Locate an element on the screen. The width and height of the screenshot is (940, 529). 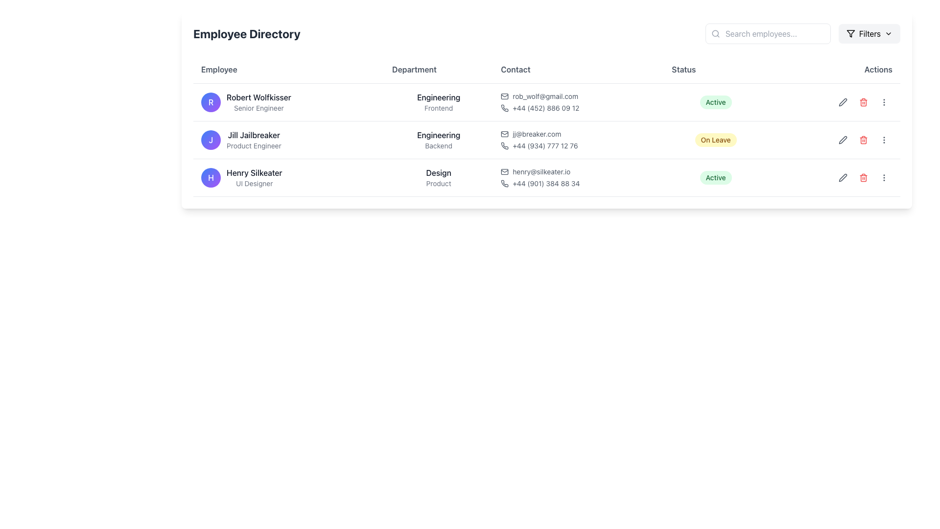
the phone icon located in the 'Contact' column next to the phone number of the second employee, Jill Jailbreaker is located at coordinates (505, 145).